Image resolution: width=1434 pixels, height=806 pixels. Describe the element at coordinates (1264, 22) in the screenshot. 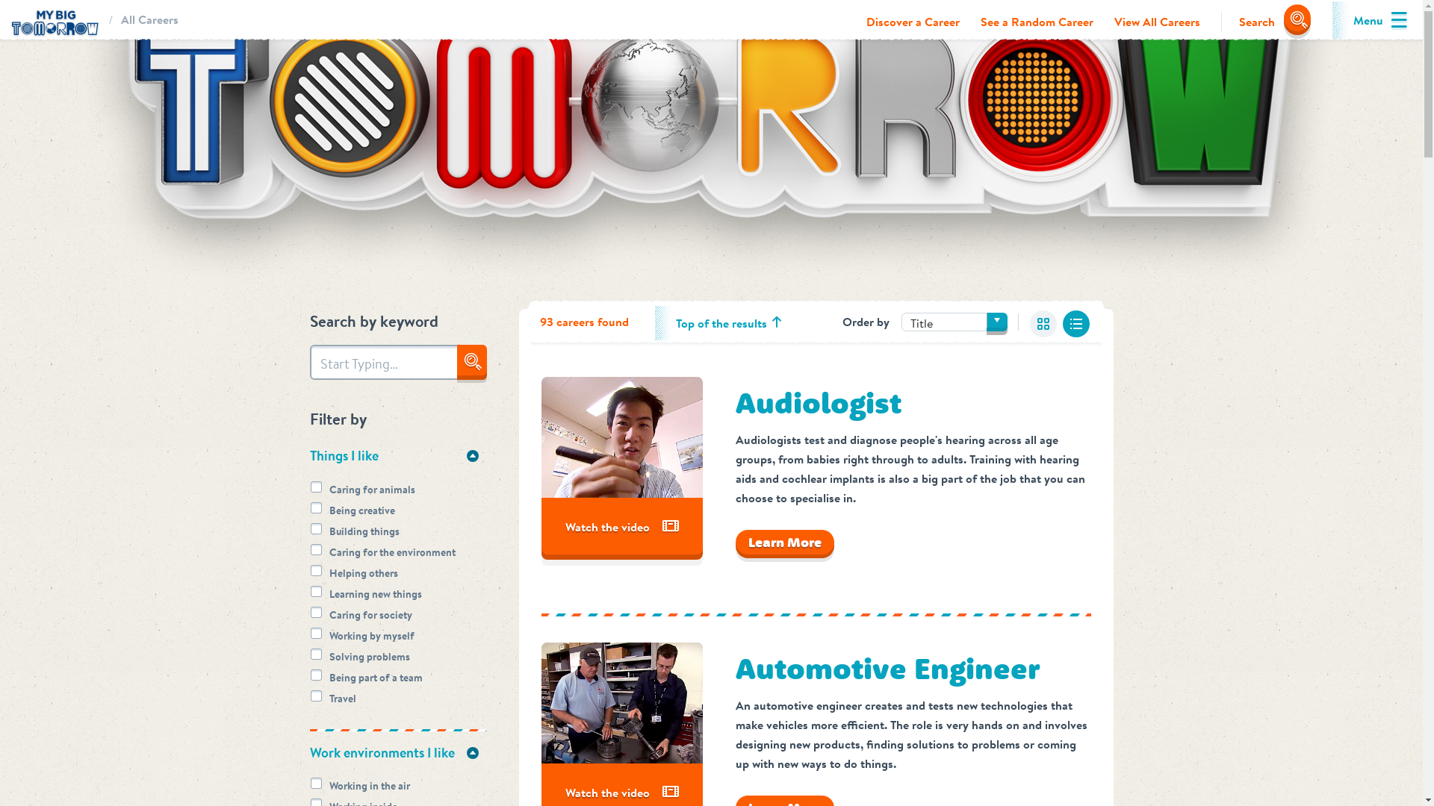

I see `'Search'` at that location.